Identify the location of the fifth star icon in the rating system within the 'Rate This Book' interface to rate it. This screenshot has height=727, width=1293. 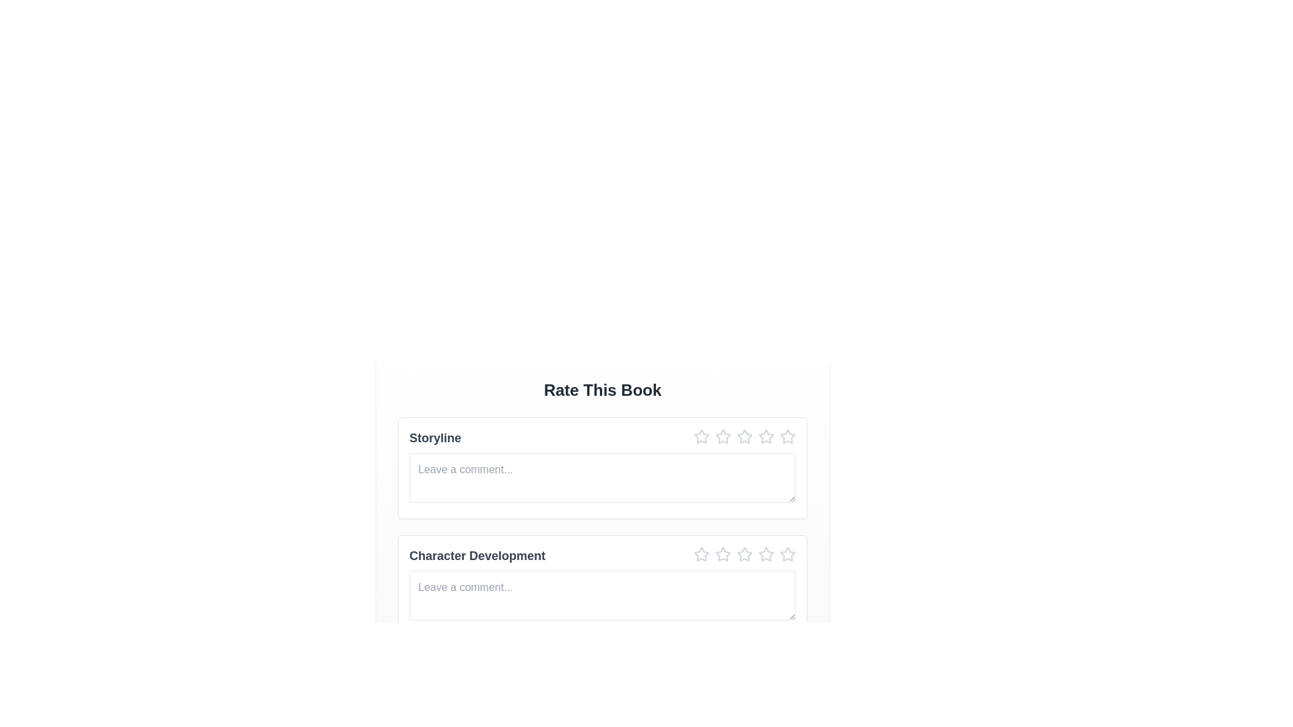
(743, 554).